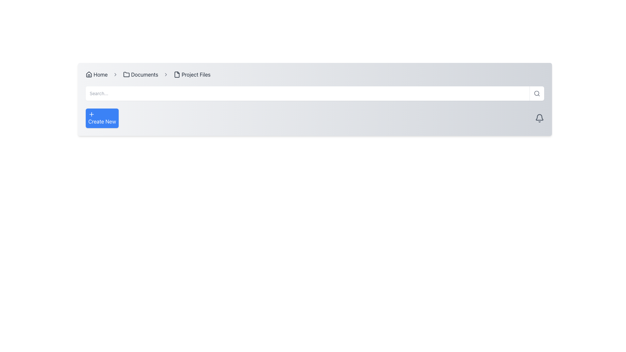 The image size is (626, 352). Describe the element at coordinates (91, 114) in the screenshot. I see `the cross-shaped icon with a plus symbol` at that location.